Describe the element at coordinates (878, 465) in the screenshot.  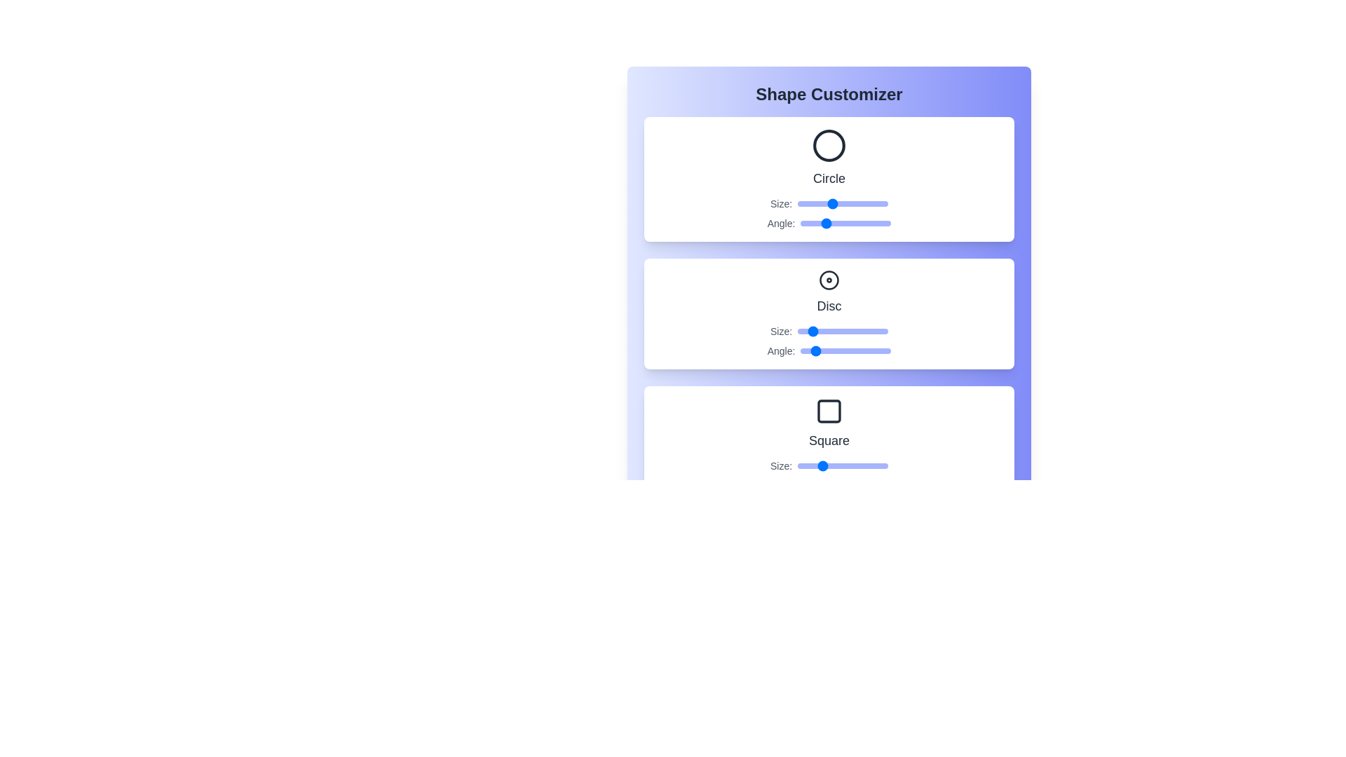
I see `the size slider of the Square shape to 92` at that location.